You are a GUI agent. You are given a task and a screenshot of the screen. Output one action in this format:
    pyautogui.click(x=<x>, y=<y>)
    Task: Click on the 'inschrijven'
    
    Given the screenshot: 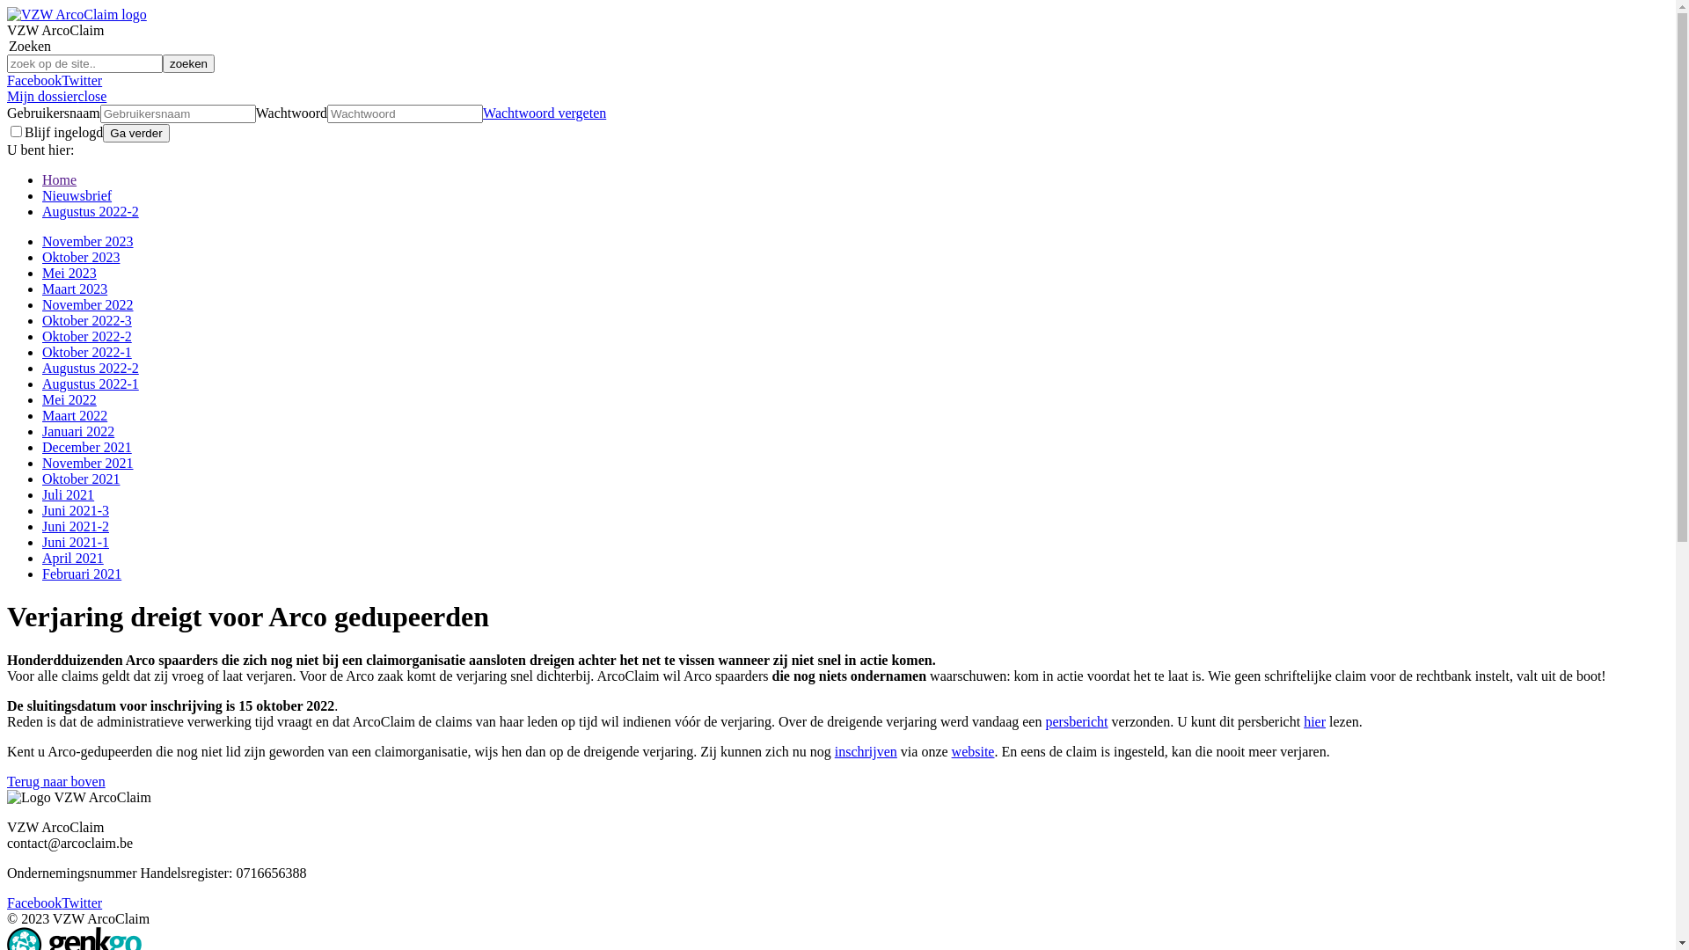 What is the action you would take?
    pyautogui.click(x=866, y=751)
    